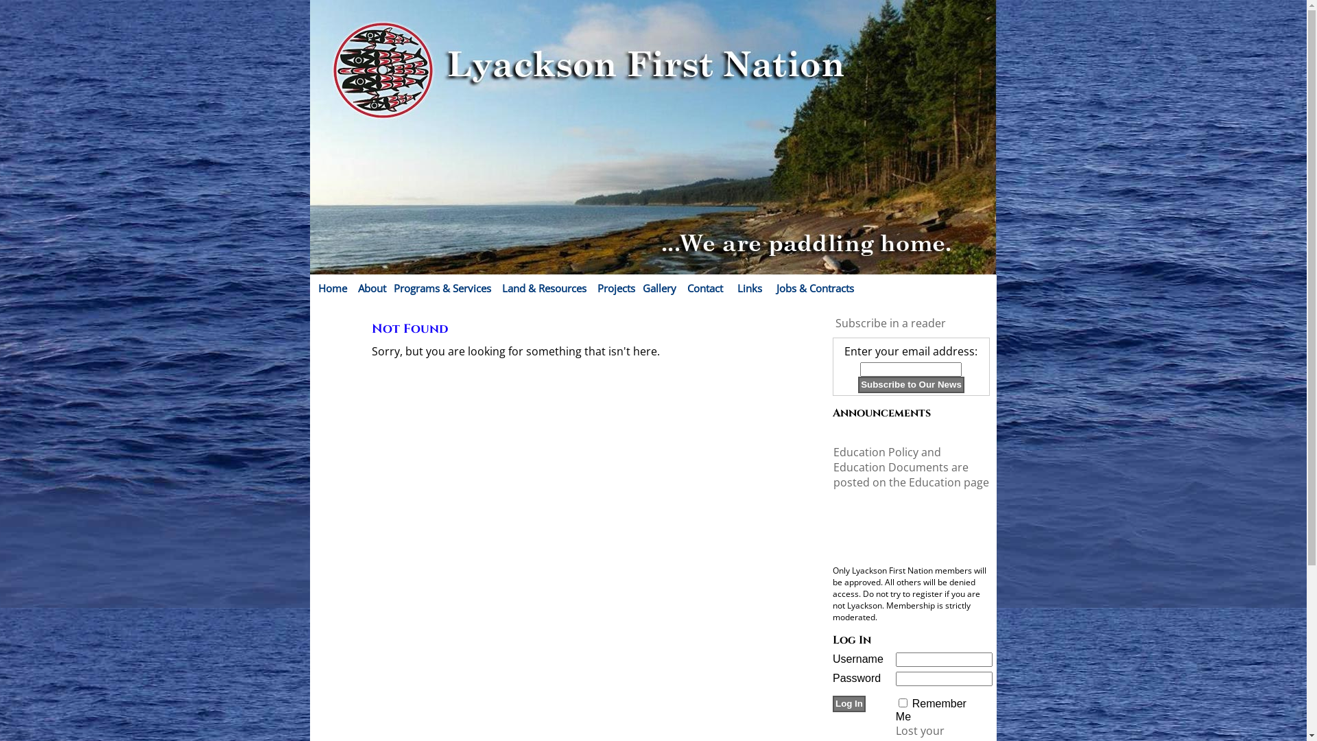 This screenshot has height=741, width=1317. What do you see at coordinates (890, 322) in the screenshot?
I see `'Subscribe in a reader'` at bounding box center [890, 322].